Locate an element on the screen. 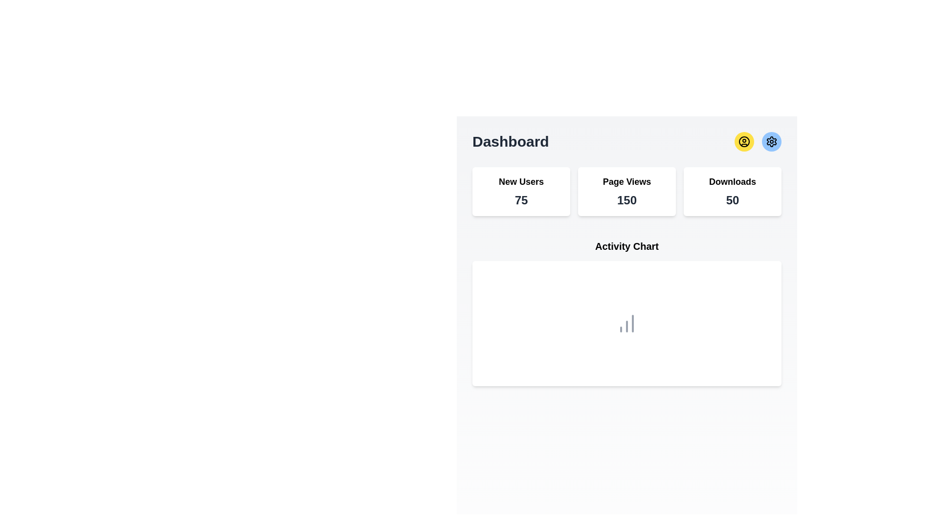  the circular user profile icon with a black outline and yellow background, located in the top-right area of the interface is located at coordinates (743, 141).